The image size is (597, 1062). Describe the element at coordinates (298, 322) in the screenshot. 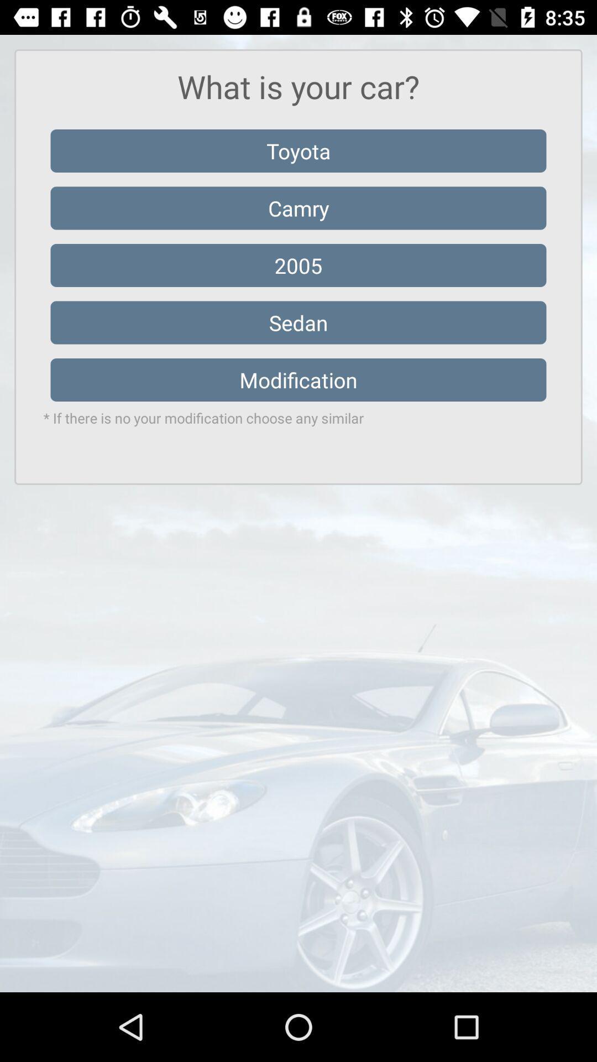

I see `the sedan item` at that location.